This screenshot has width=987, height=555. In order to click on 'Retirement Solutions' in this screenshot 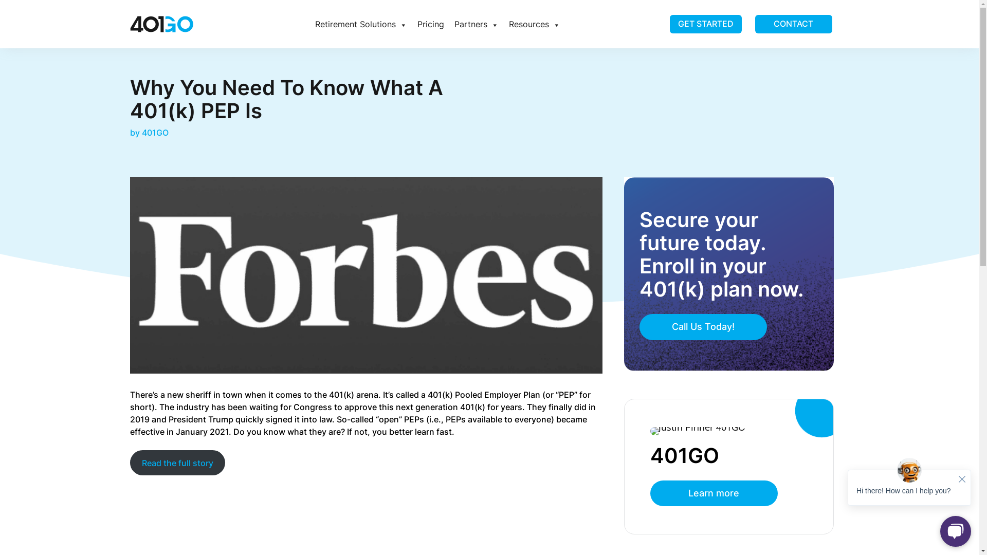, I will do `click(360, 23)`.